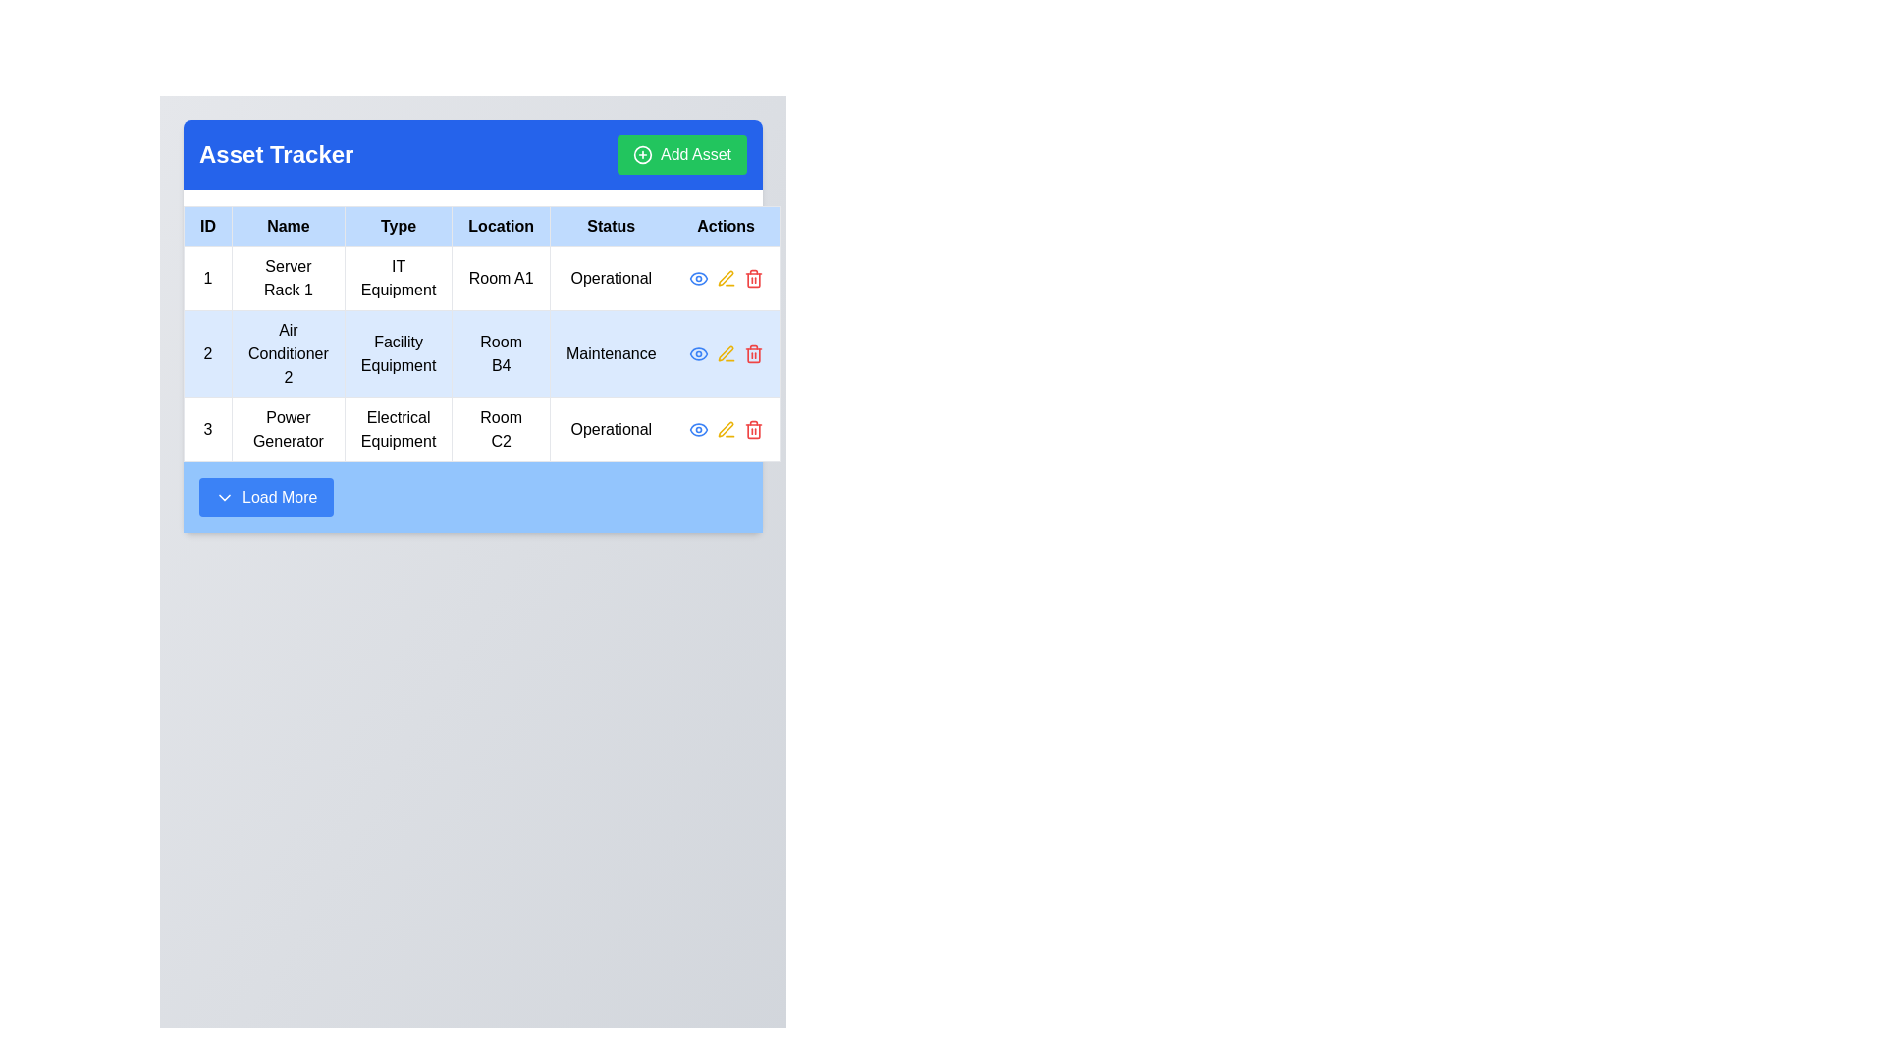 This screenshot has height=1060, width=1885. I want to click on the text 'Type' by clicking on the third column header in the table, which indicates the category for the data listed below it, so click(398, 226).